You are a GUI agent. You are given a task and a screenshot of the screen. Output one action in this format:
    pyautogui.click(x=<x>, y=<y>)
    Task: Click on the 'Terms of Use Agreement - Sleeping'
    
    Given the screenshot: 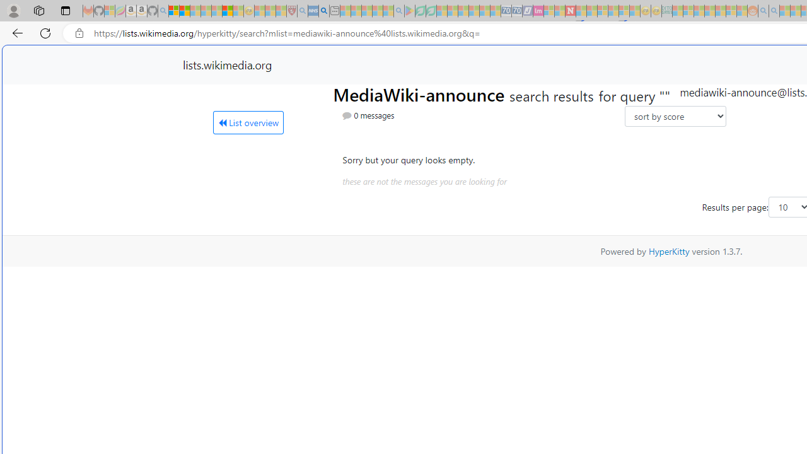 What is the action you would take?
    pyautogui.click(x=420, y=11)
    